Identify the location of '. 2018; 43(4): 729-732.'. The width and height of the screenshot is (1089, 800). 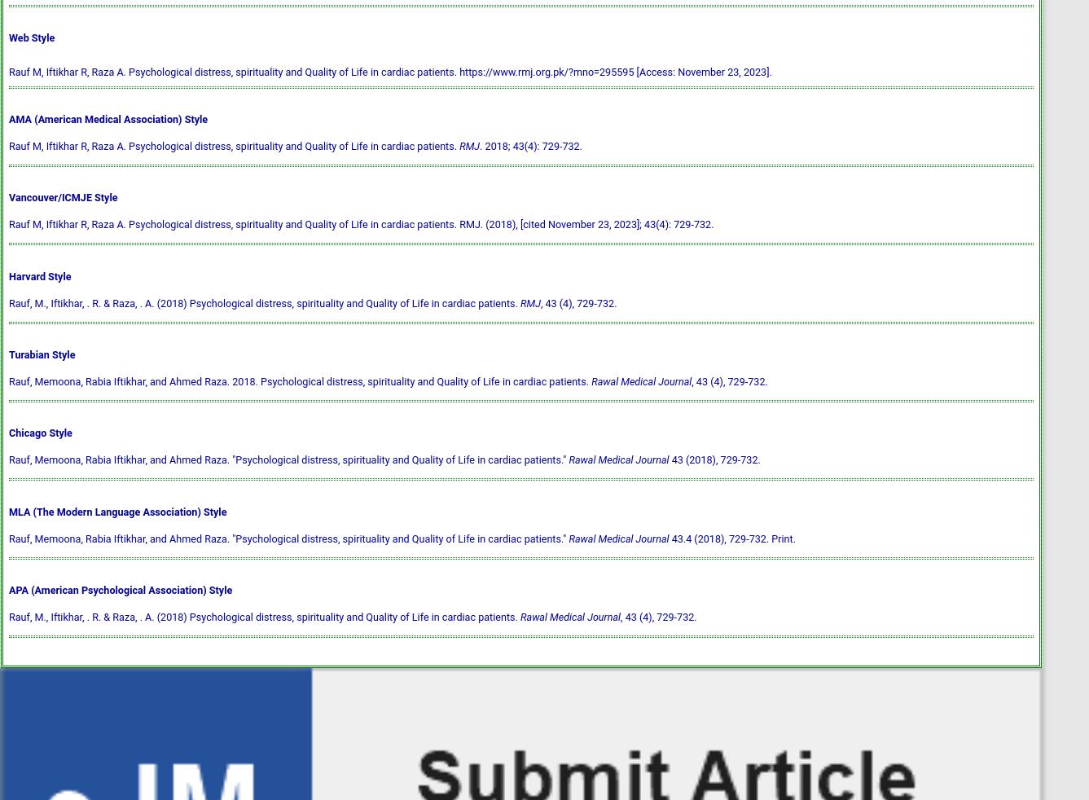
(479, 145).